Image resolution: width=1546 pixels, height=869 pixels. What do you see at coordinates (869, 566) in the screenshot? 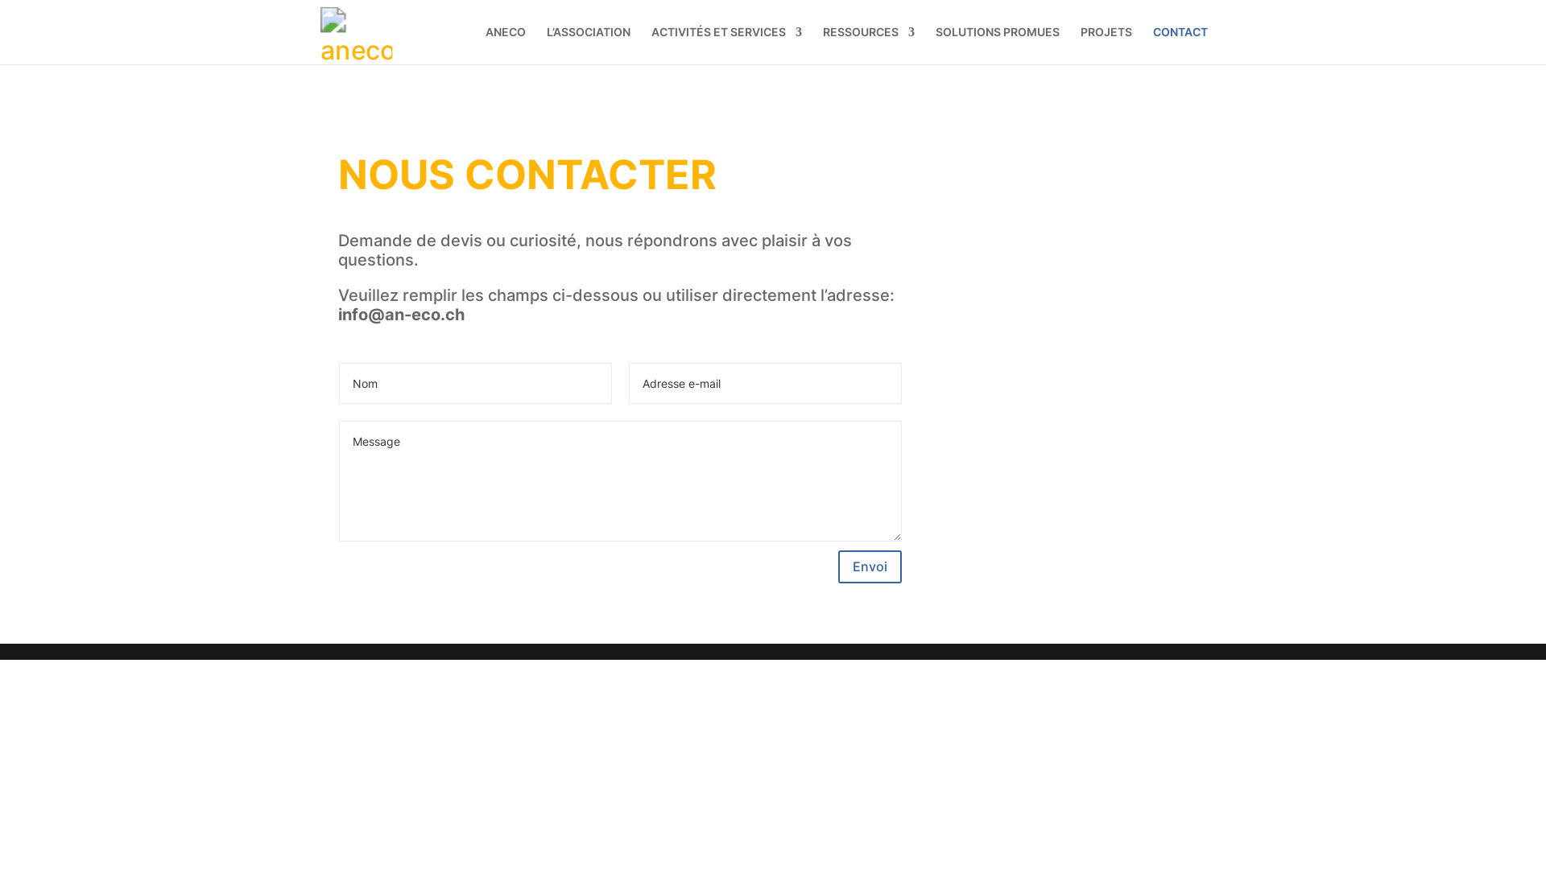
I see `'Envoi'` at bounding box center [869, 566].